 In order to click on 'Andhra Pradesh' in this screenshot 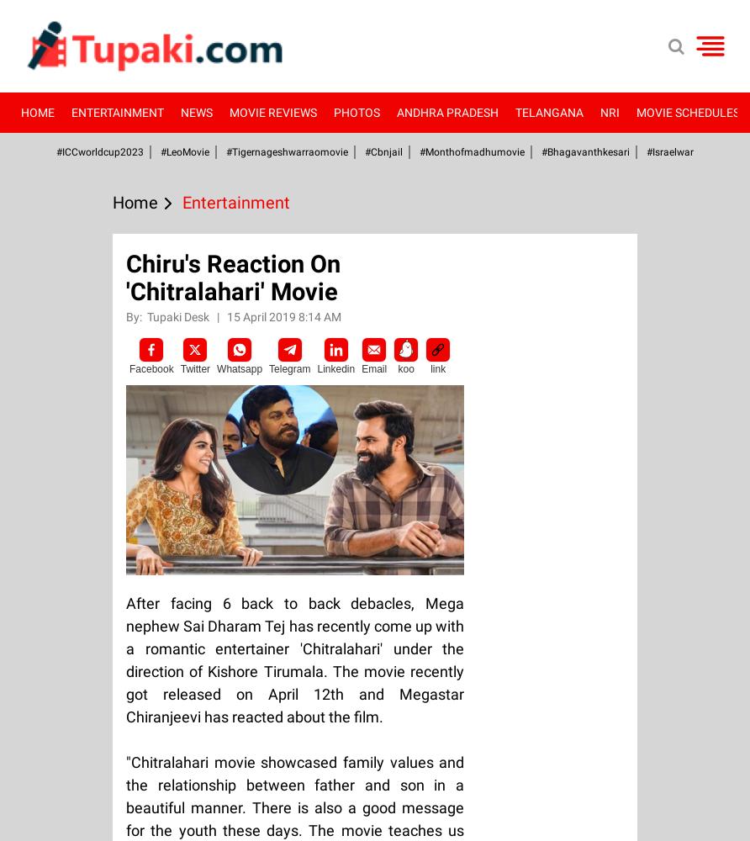, I will do `click(447, 113)`.